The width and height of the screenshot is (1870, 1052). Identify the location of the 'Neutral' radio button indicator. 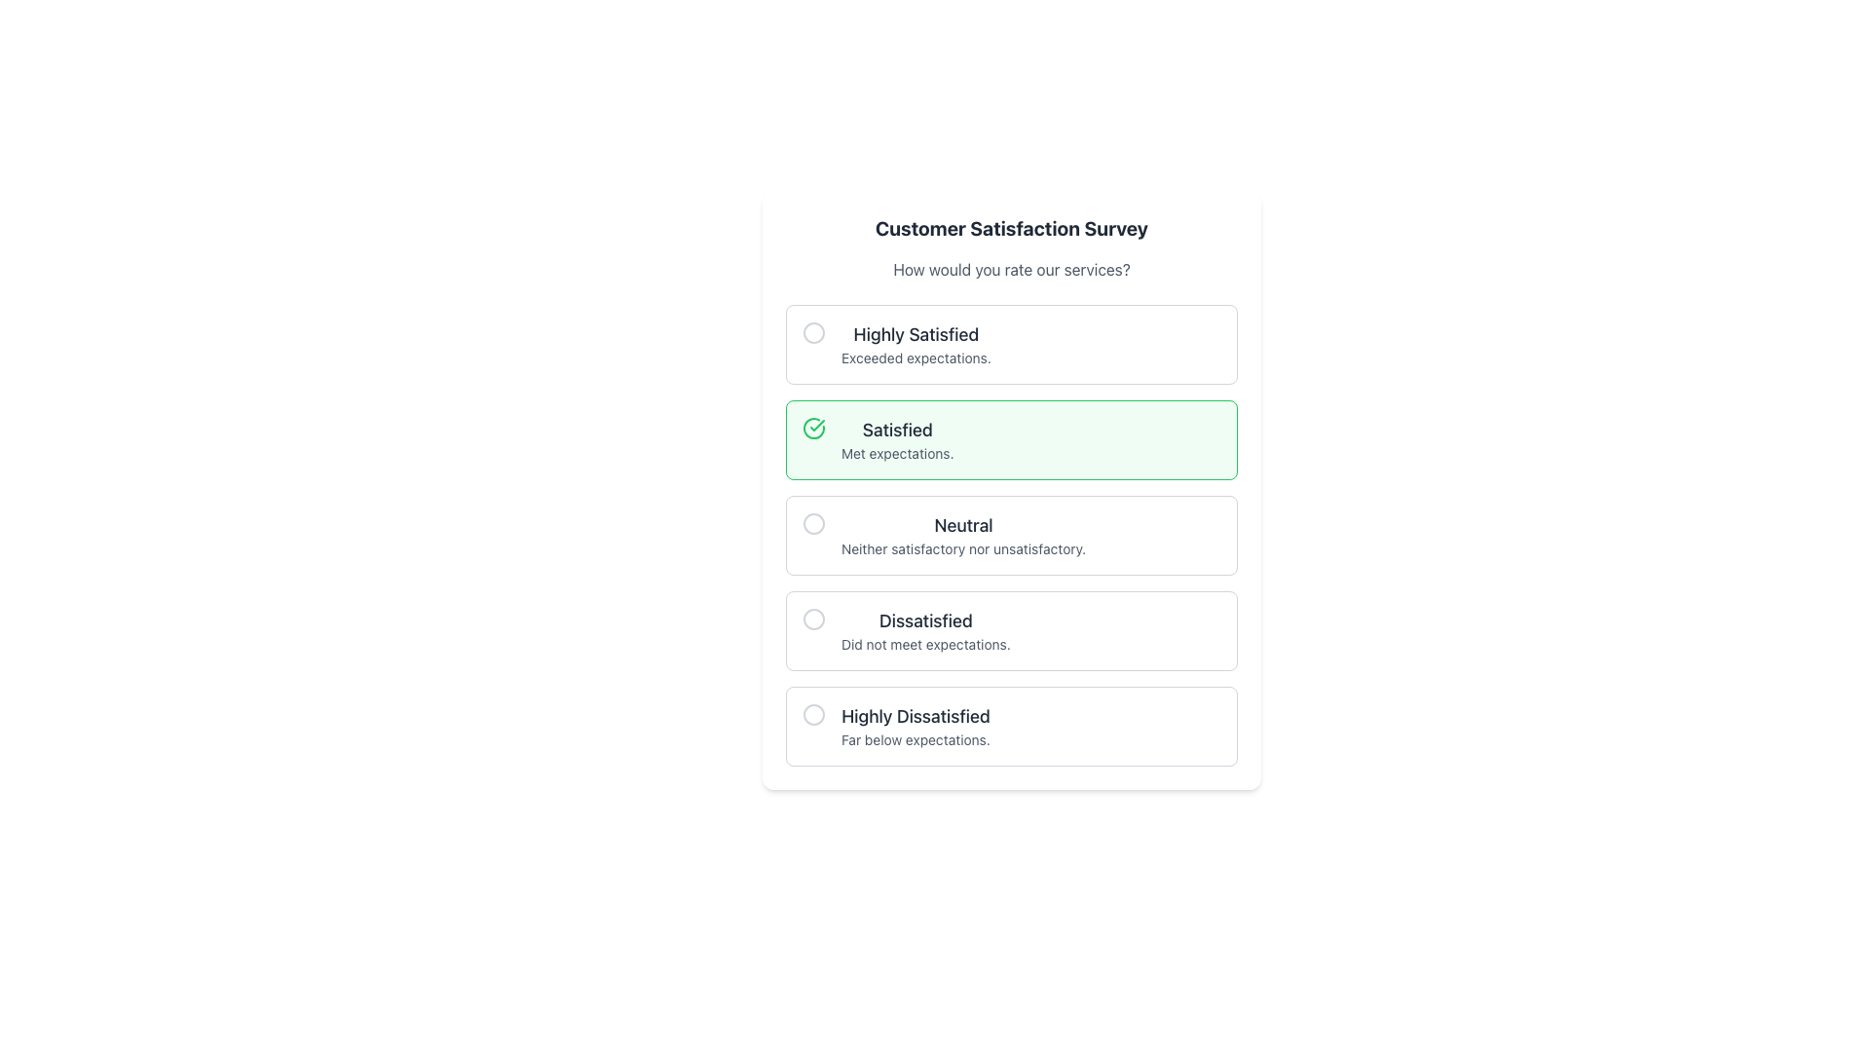
(813, 522).